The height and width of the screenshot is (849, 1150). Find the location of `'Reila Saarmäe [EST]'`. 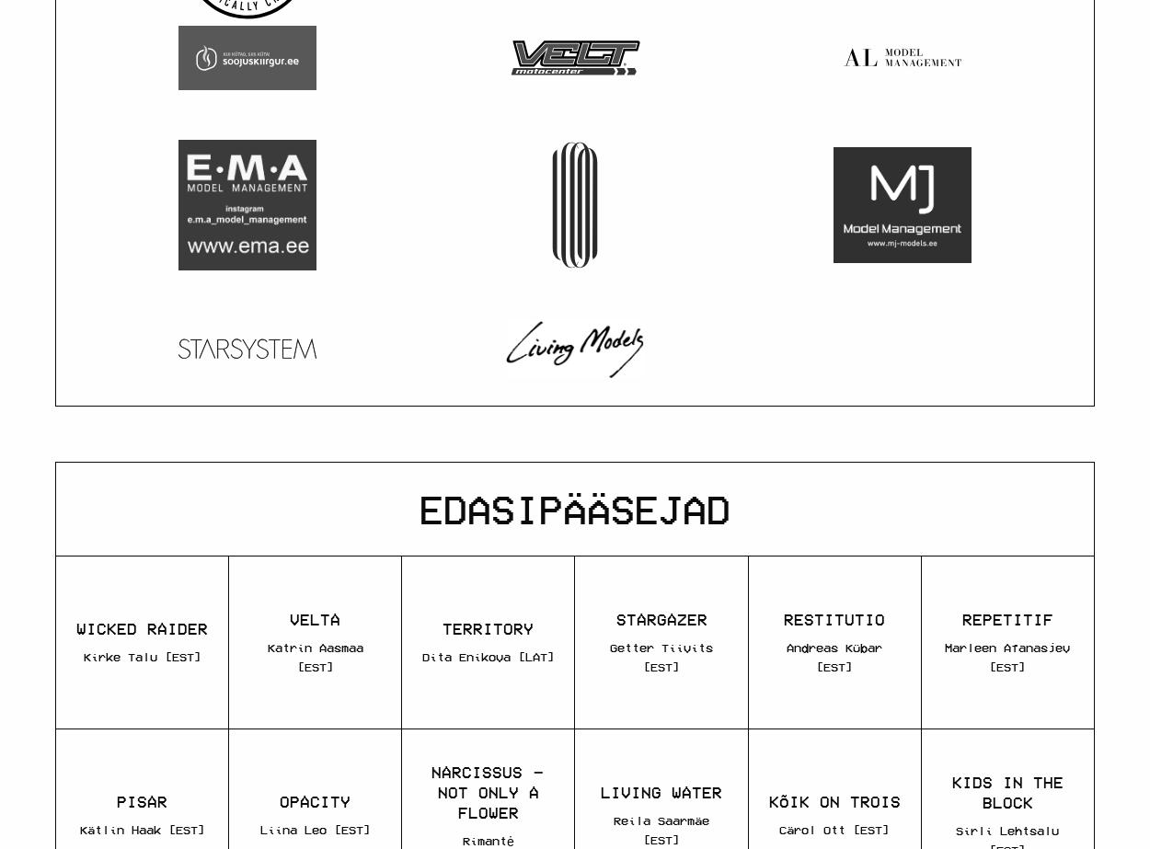

'Reila Saarmäe [EST]' is located at coordinates (614, 828).